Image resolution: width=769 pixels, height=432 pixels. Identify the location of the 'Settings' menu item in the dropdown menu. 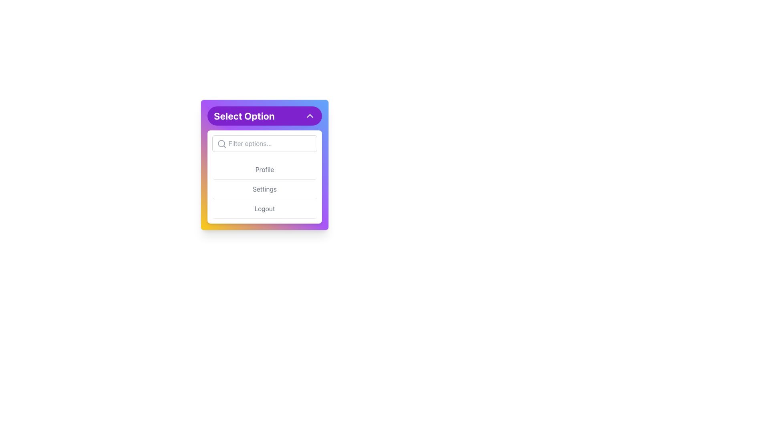
(265, 189).